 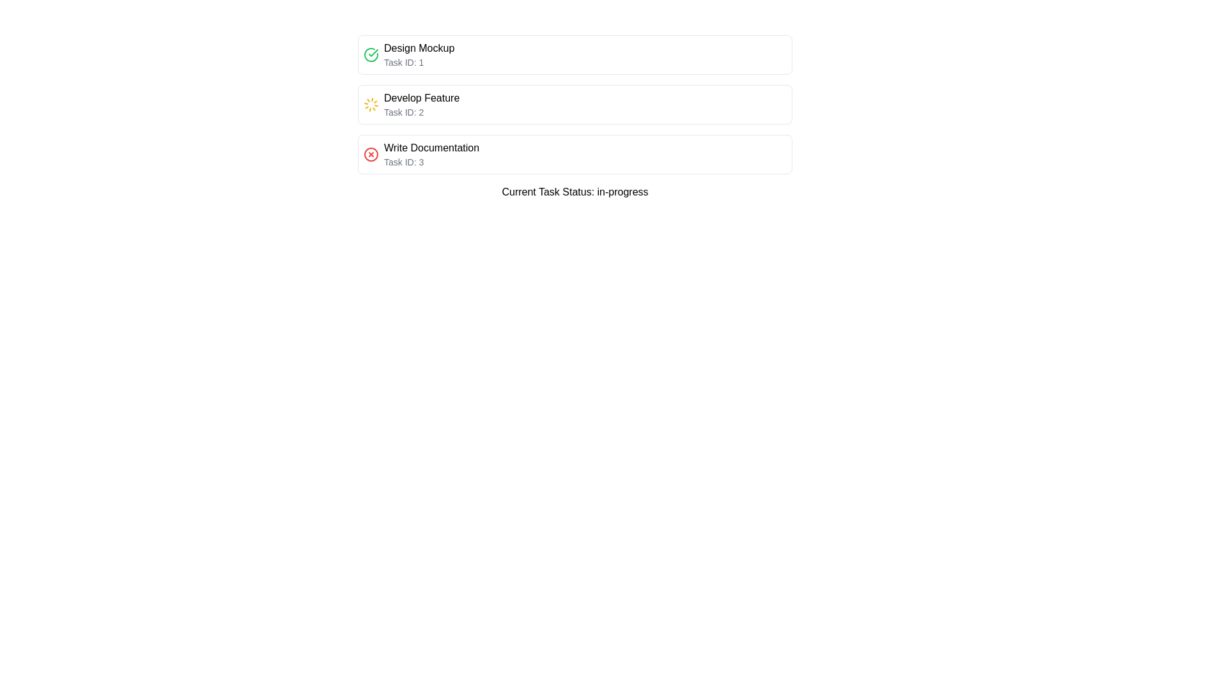 What do you see at coordinates (370, 104) in the screenshot?
I see `the Spinner or Loading Indicator, which is a yellow circular outline with radiating lines, located within the card containing 'Develop Feature' and 'Task ID: 2'` at bounding box center [370, 104].